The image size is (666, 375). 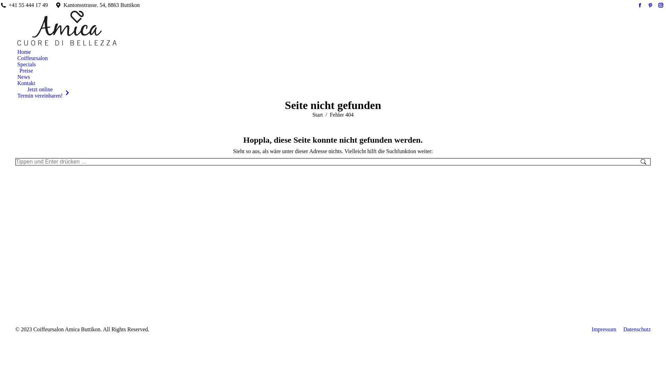 I want to click on 'Pinterest page opens in new window', so click(x=646, y=5).